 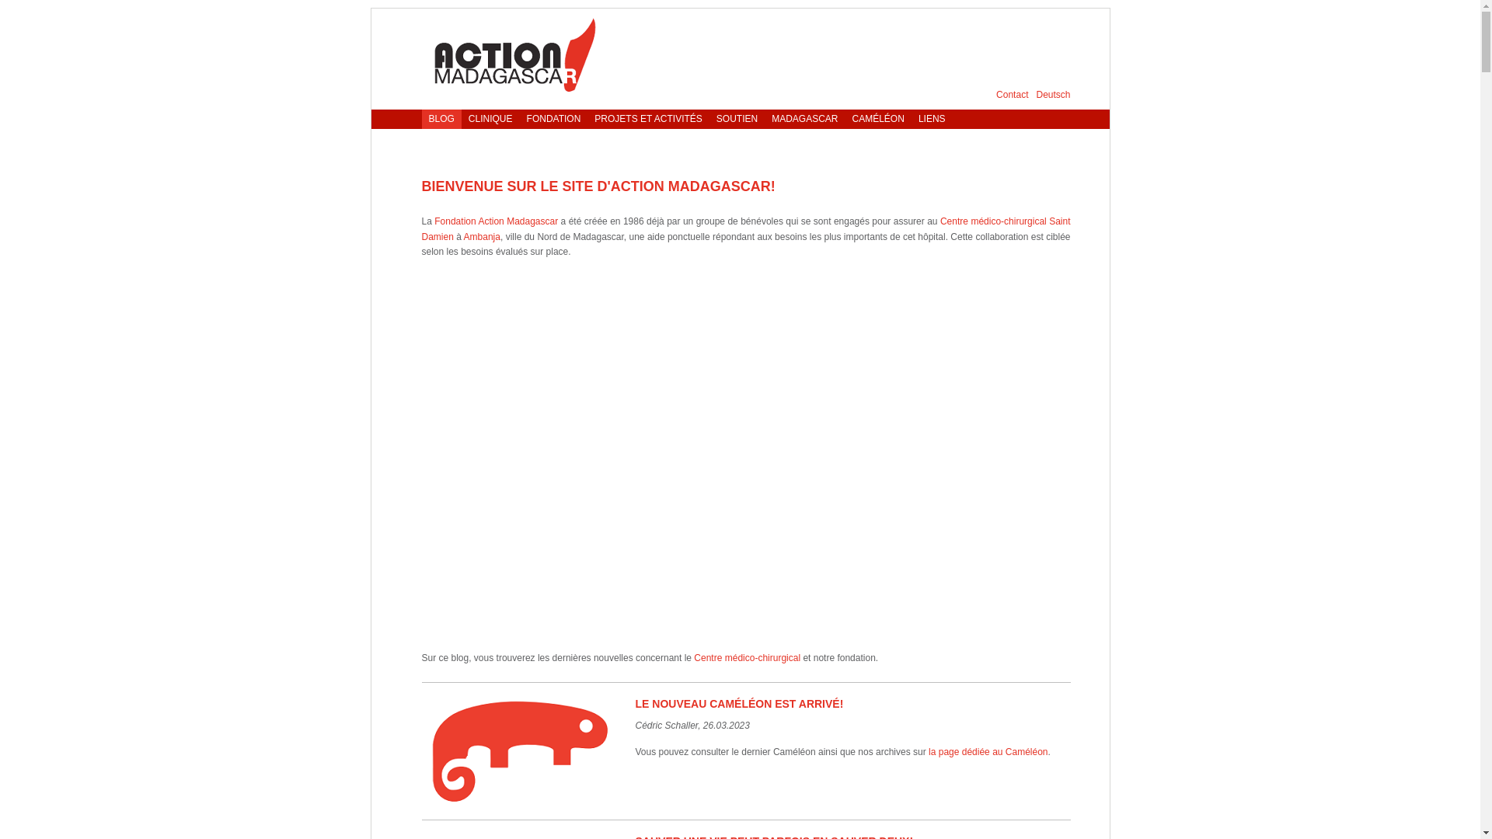 I want to click on 'SOUTIEN', so click(x=708, y=118).